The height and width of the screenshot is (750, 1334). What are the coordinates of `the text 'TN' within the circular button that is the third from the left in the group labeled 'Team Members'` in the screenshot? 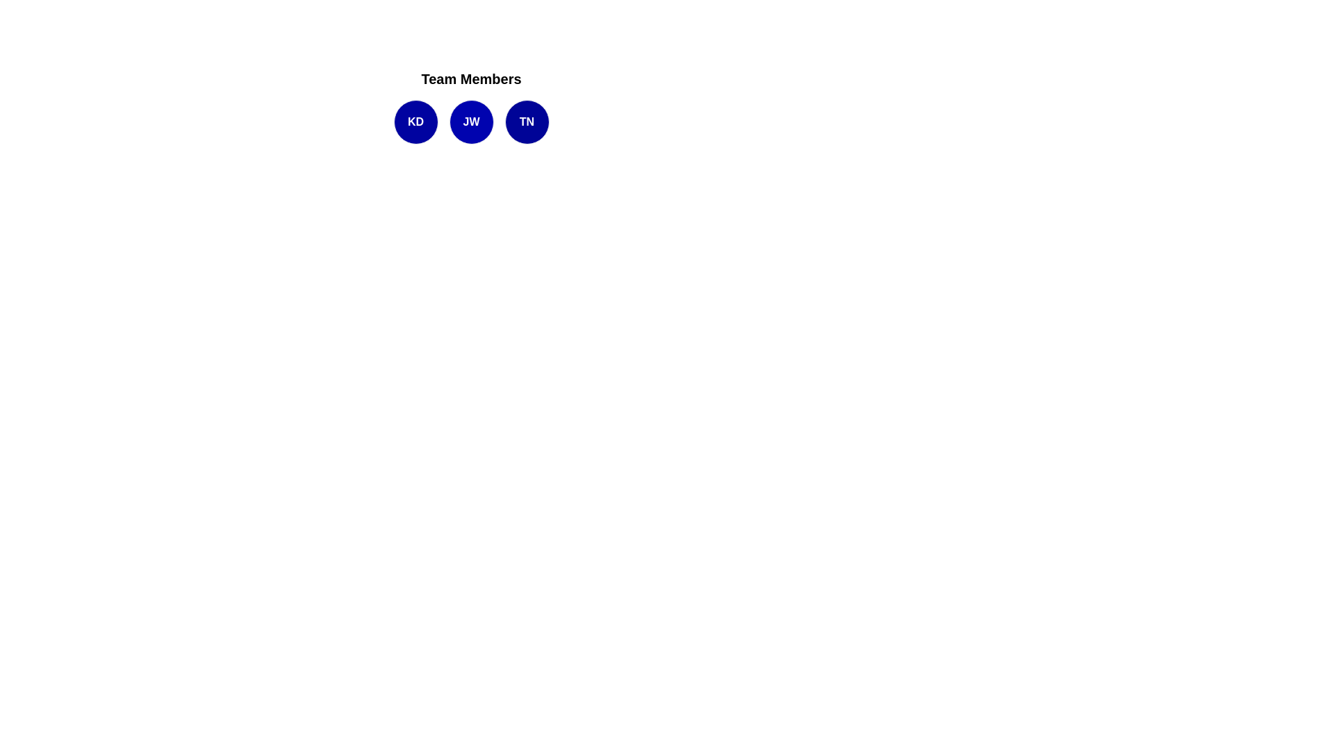 It's located at (526, 122).